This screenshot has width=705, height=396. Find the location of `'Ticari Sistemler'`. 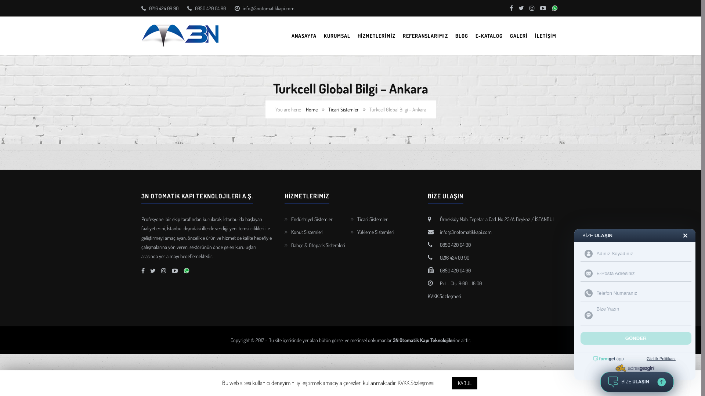

'Ticari Sistemler' is located at coordinates (343, 109).